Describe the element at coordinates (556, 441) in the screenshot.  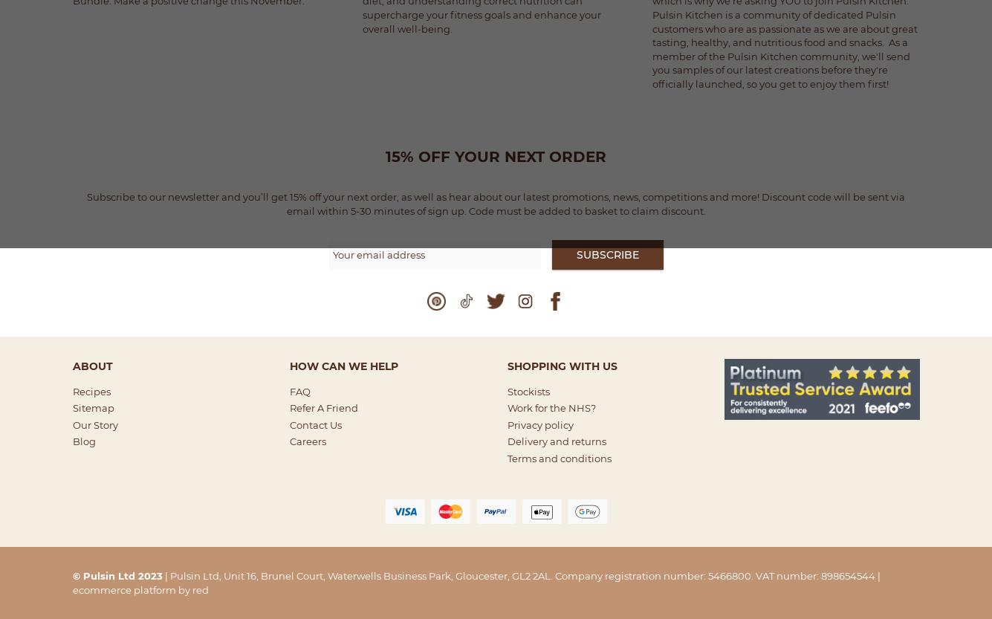
I see `'Delivery and returns'` at that location.